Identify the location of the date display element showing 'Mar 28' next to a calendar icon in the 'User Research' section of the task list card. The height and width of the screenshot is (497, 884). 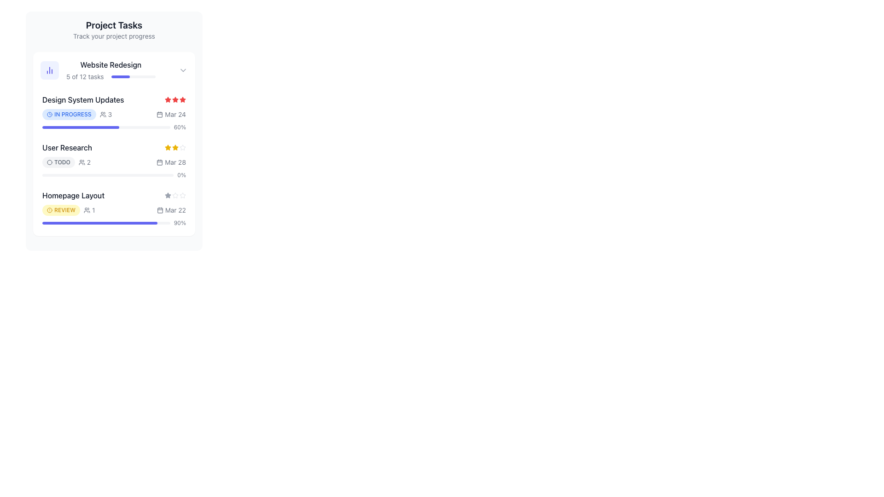
(171, 162).